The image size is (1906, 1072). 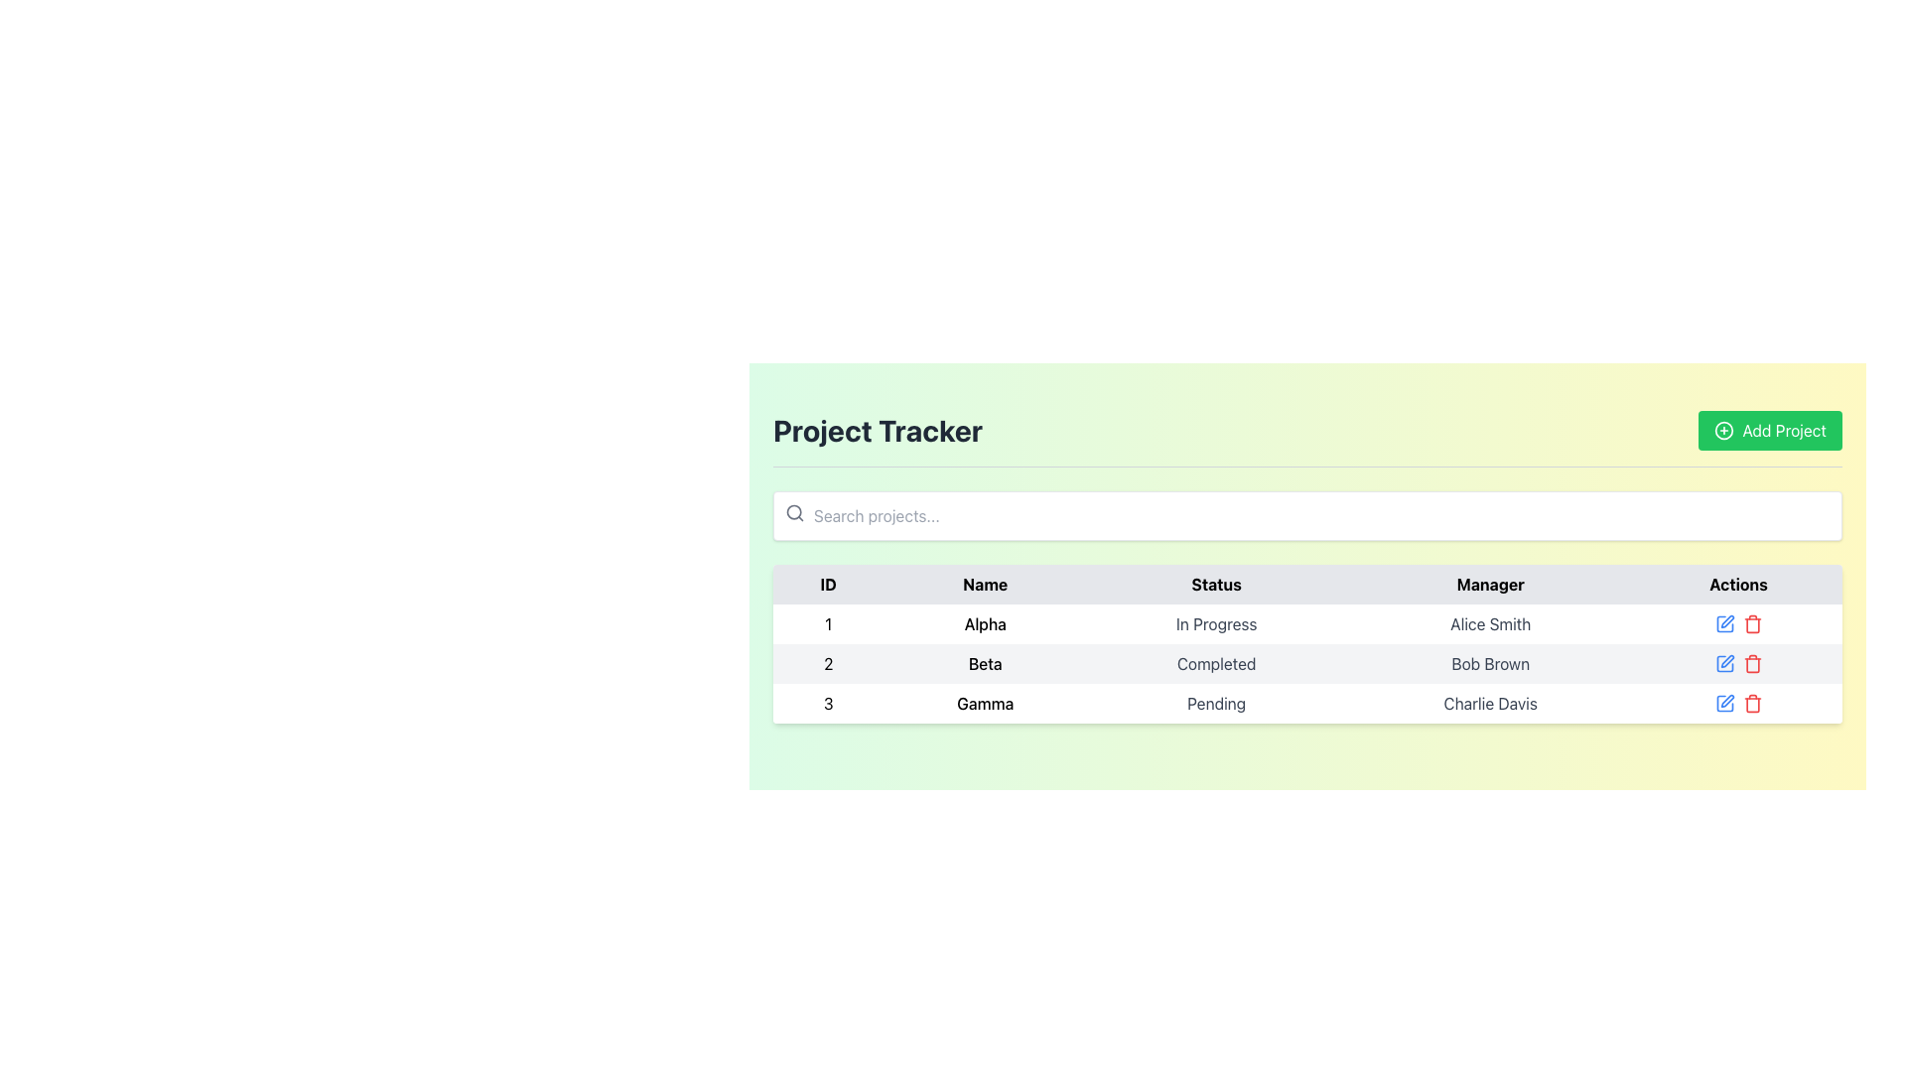 What do you see at coordinates (1752, 703) in the screenshot?
I see `the delete button in the 'Actions' column of the table associated with the 'Gamma' project managed by Charlie Davis` at bounding box center [1752, 703].